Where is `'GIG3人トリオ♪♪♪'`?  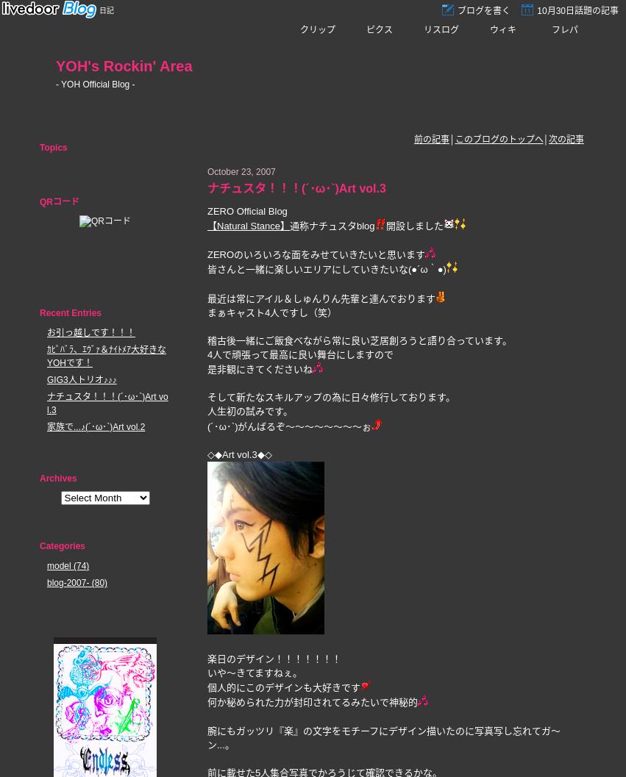
'GIG3人トリオ♪♪♪' is located at coordinates (46, 379).